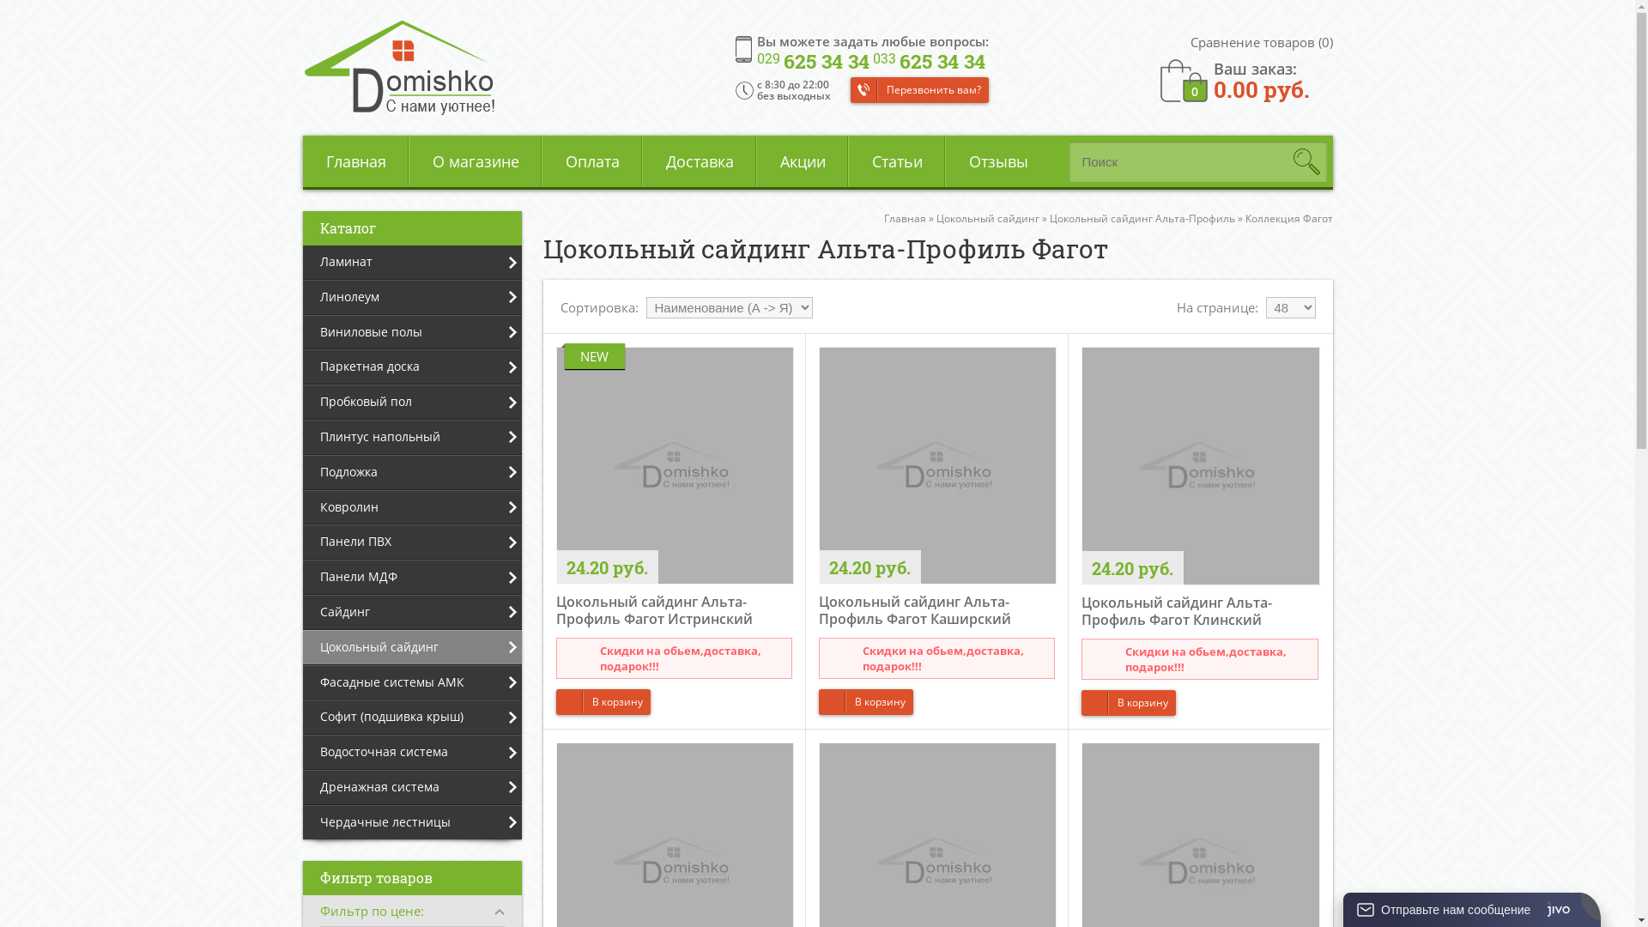 The height and width of the screenshot is (927, 1648). What do you see at coordinates (397, 66) in the screenshot?
I see `'Domishko.by'` at bounding box center [397, 66].